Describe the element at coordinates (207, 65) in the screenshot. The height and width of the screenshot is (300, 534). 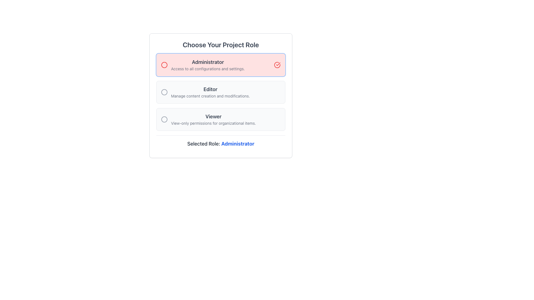
I see `to select the role 'Administrator' from the vertical list of selectable roles, which includes options like 'Editor' and 'Viewer'` at that location.